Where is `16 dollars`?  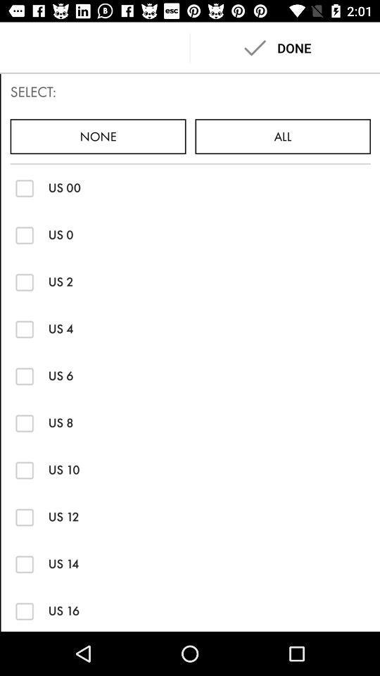
16 dollars is located at coordinates (25, 610).